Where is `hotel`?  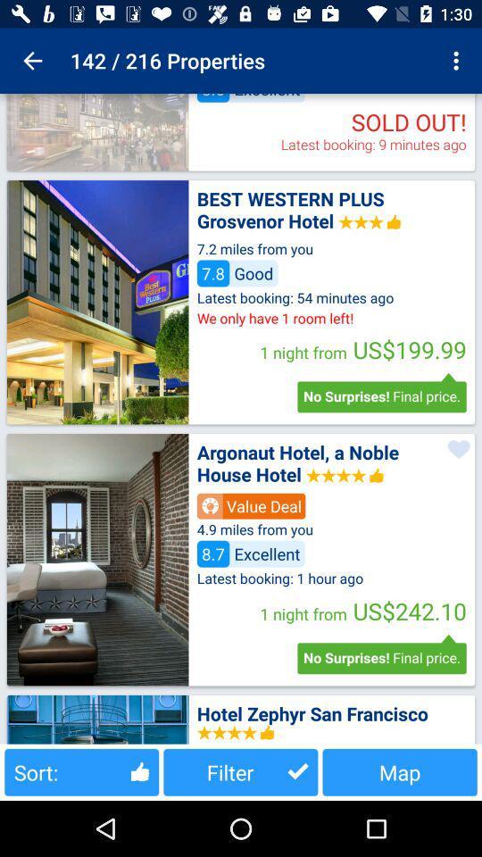 hotel is located at coordinates (97, 559).